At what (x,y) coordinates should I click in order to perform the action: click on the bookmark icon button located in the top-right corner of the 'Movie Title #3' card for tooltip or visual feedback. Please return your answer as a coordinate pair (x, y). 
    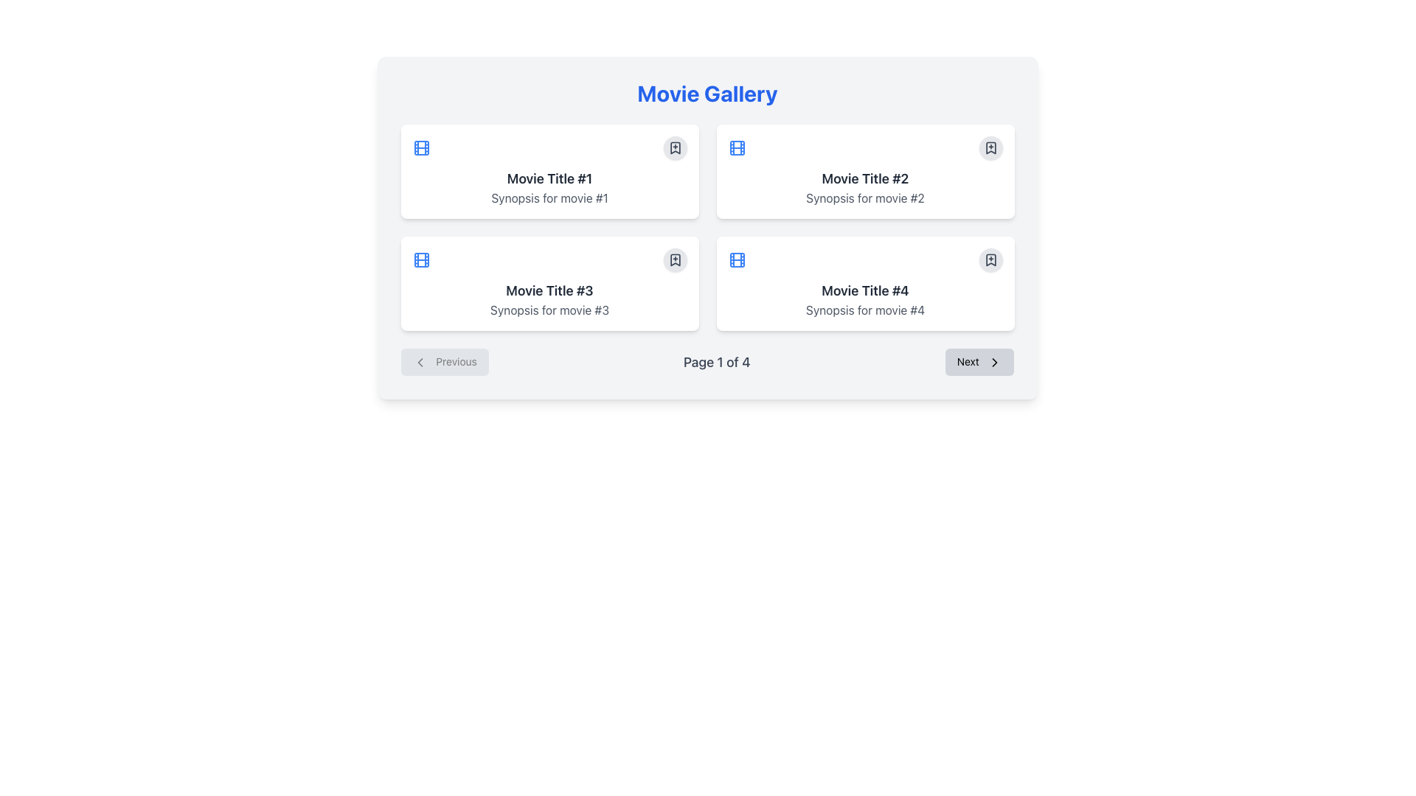
    Looking at the image, I should click on (674, 259).